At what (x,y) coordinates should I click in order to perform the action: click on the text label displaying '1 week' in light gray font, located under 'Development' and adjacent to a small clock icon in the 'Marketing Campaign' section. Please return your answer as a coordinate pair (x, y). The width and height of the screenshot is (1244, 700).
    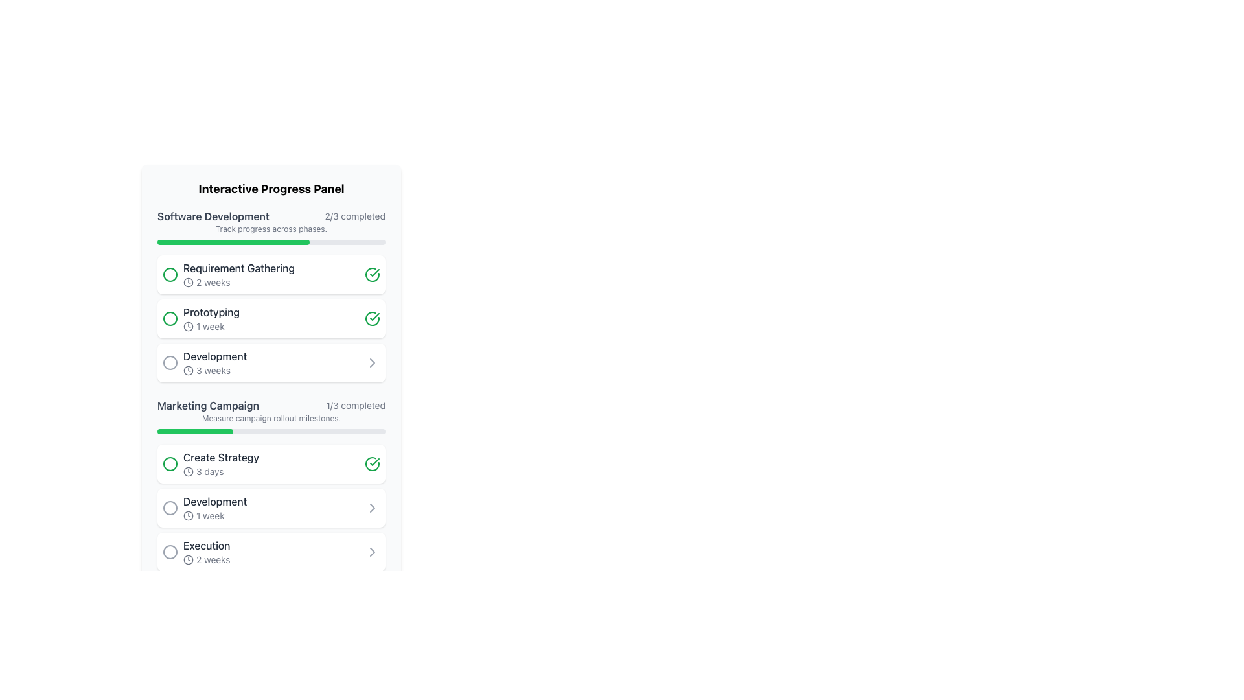
    Looking at the image, I should click on (215, 515).